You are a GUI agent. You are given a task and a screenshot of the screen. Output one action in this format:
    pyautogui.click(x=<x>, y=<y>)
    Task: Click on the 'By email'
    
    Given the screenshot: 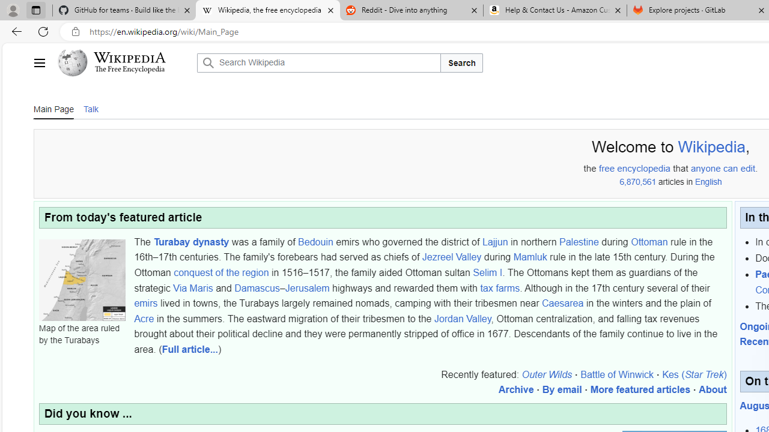 What is the action you would take?
    pyautogui.click(x=561, y=389)
    